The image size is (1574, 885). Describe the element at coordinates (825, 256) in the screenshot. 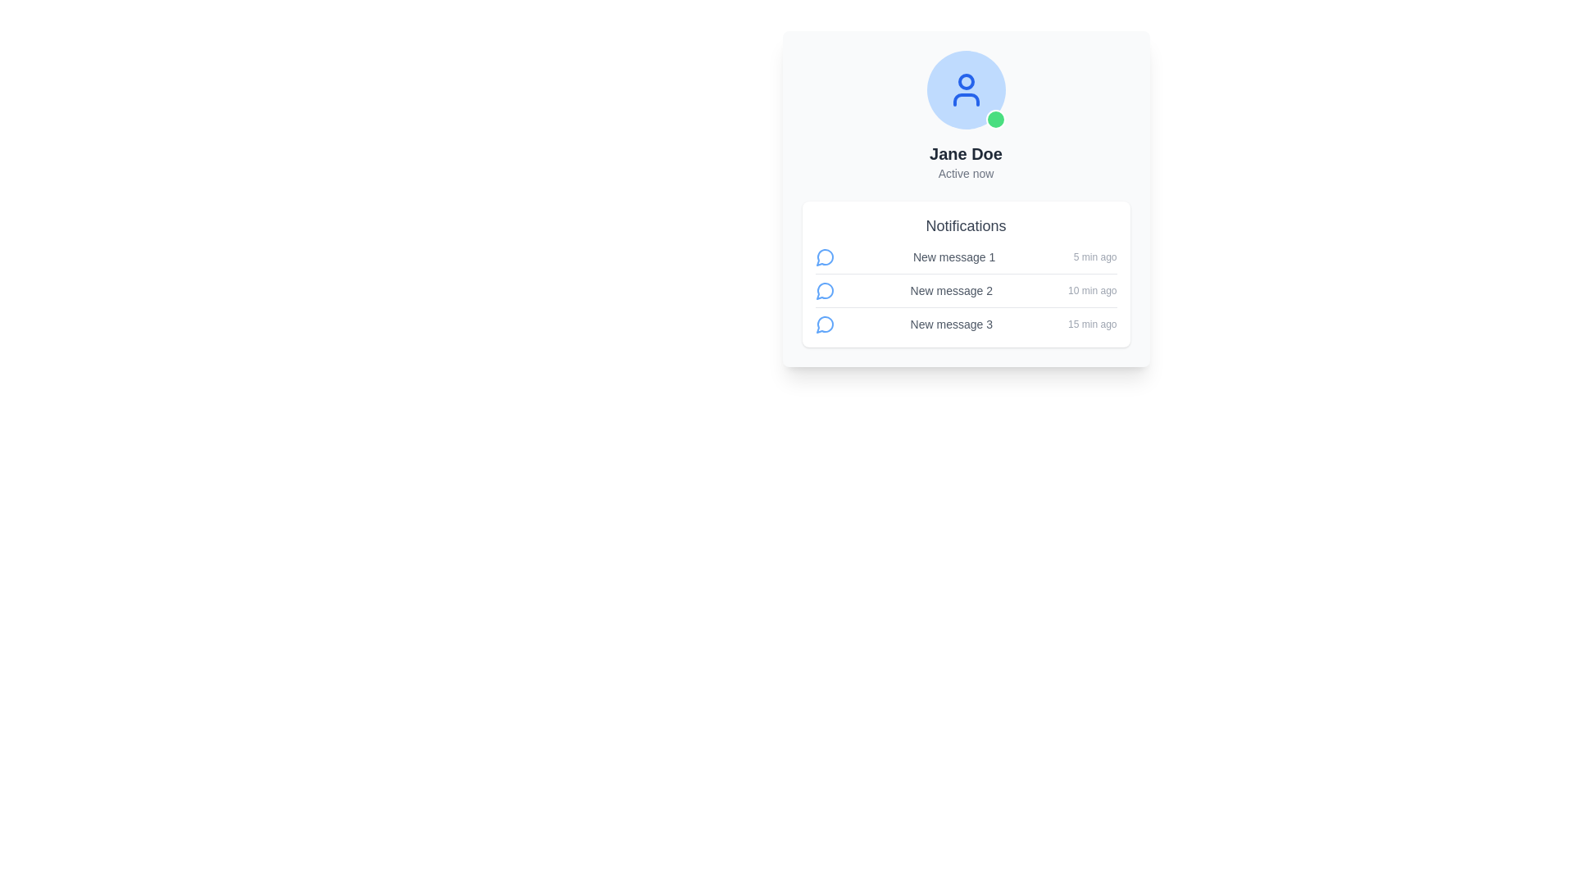

I see `the blue circular message icon with a minimalist design located at the start of the first notification entry in the 'Notifications' section` at that location.